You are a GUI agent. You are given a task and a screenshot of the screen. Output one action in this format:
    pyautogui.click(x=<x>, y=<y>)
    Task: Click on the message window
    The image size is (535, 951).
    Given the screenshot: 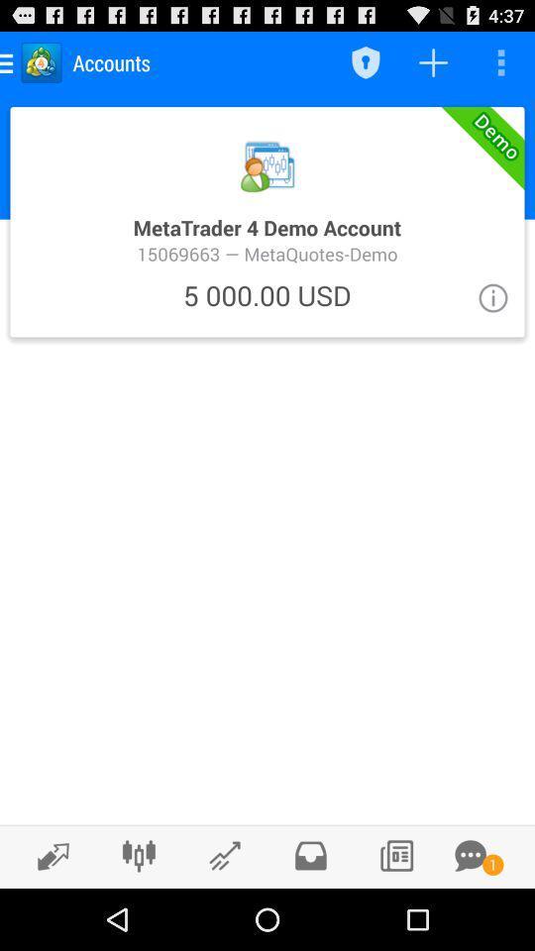 What is the action you would take?
    pyautogui.click(x=470, y=855)
    